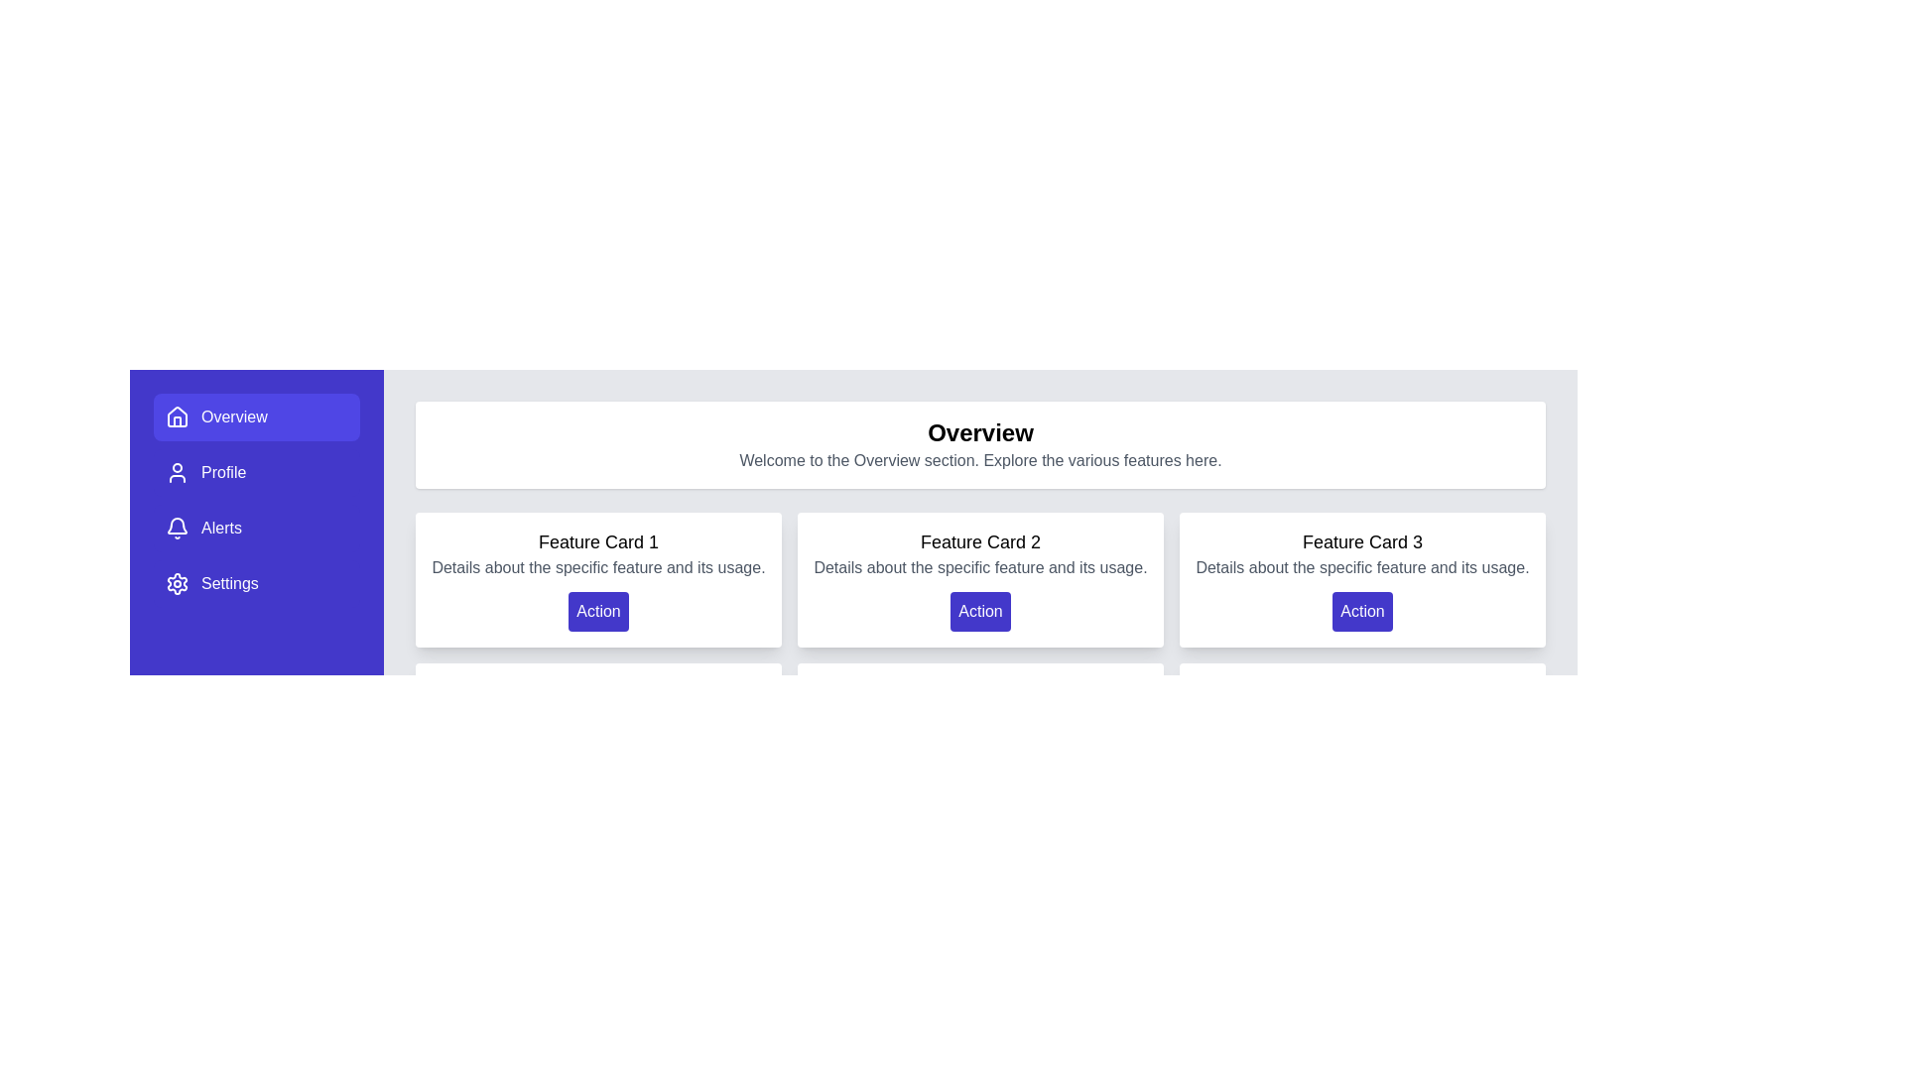 This screenshot has height=1071, width=1905. Describe the element at coordinates (1361, 580) in the screenshot. I see `the Informational Card Component located in the top right of the first row, which is the third card in a grid layout of six` at that location.